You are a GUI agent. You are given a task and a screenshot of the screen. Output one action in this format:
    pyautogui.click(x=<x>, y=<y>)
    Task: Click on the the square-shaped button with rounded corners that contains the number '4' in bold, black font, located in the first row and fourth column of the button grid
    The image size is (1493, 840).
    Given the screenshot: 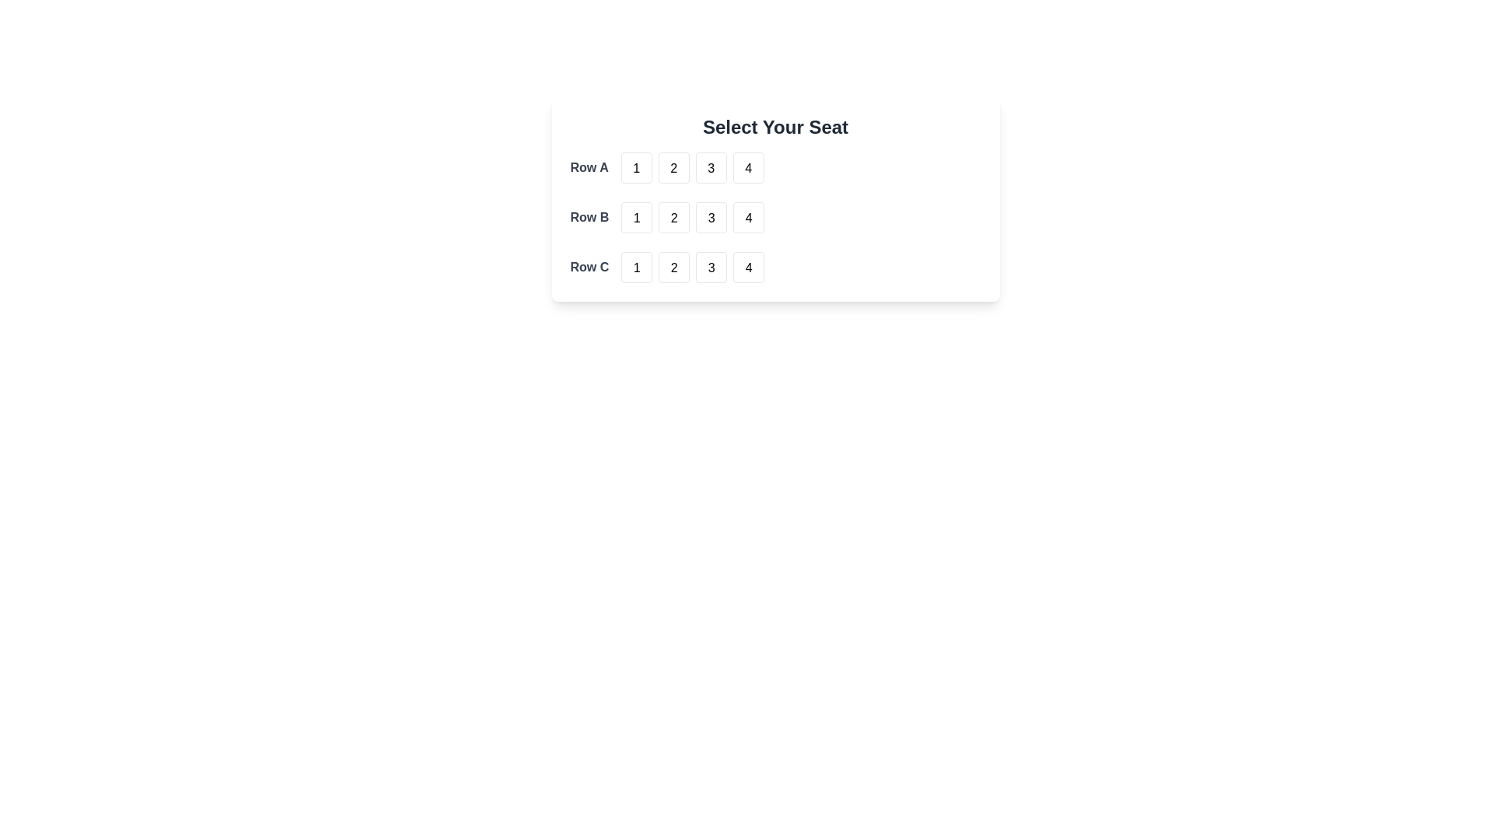 What is the action you would take?
    pyautogui.click(x=748, y=168)
    